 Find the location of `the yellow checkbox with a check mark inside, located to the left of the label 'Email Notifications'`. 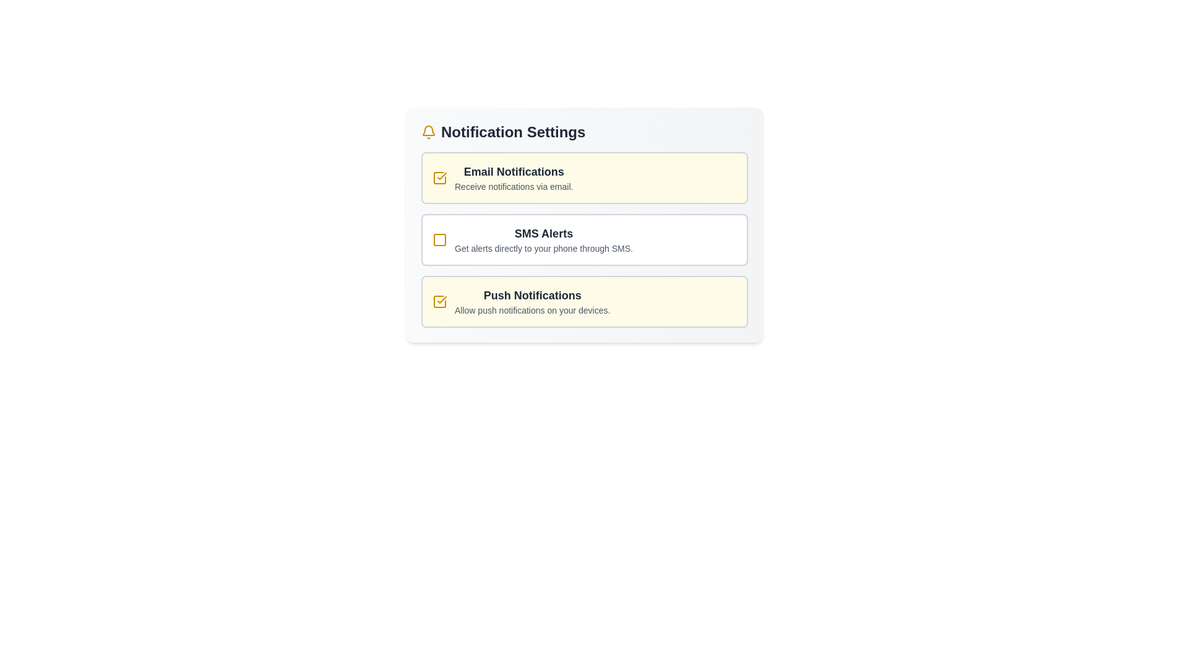

the yellow checkbox with a check mark inside, located to the left of the label 'Email Notifications' is located at coordinates (439, 178).